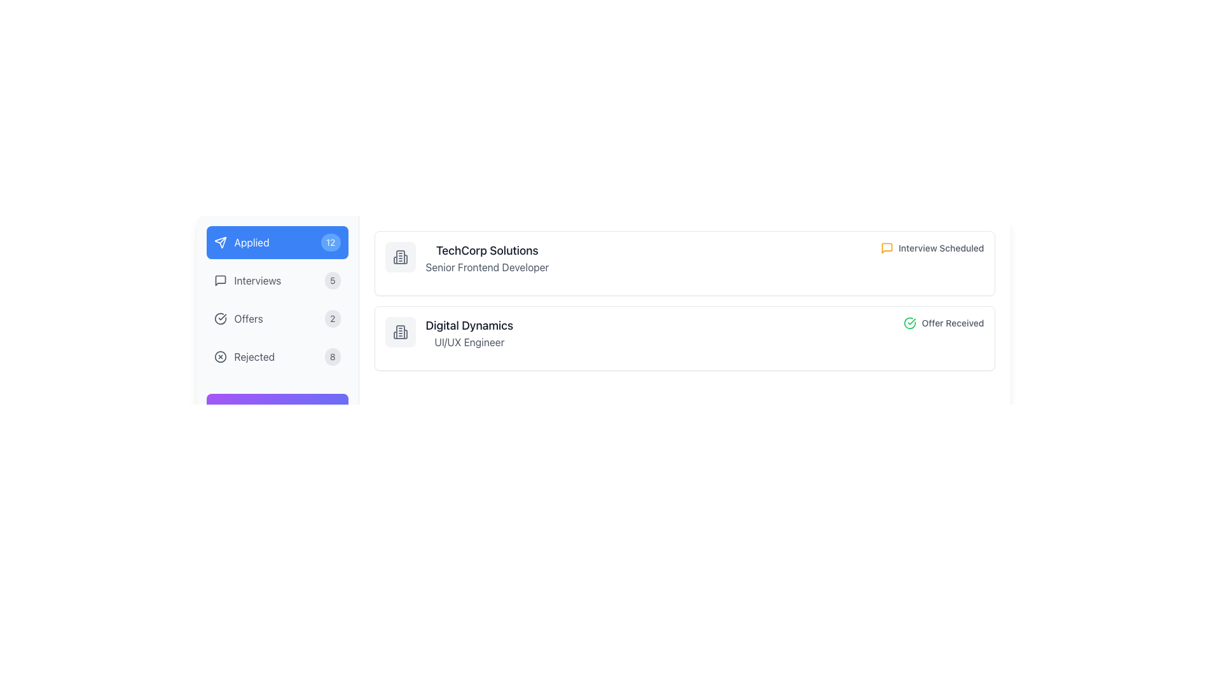  What do you see at coordinates (254, 357) in the screenshot?
I see `text label that says 'Rejected' located in the left sidebar under the 'Offers' section, which is the fourth option in the vertical list` at bounding box center [254, 357].